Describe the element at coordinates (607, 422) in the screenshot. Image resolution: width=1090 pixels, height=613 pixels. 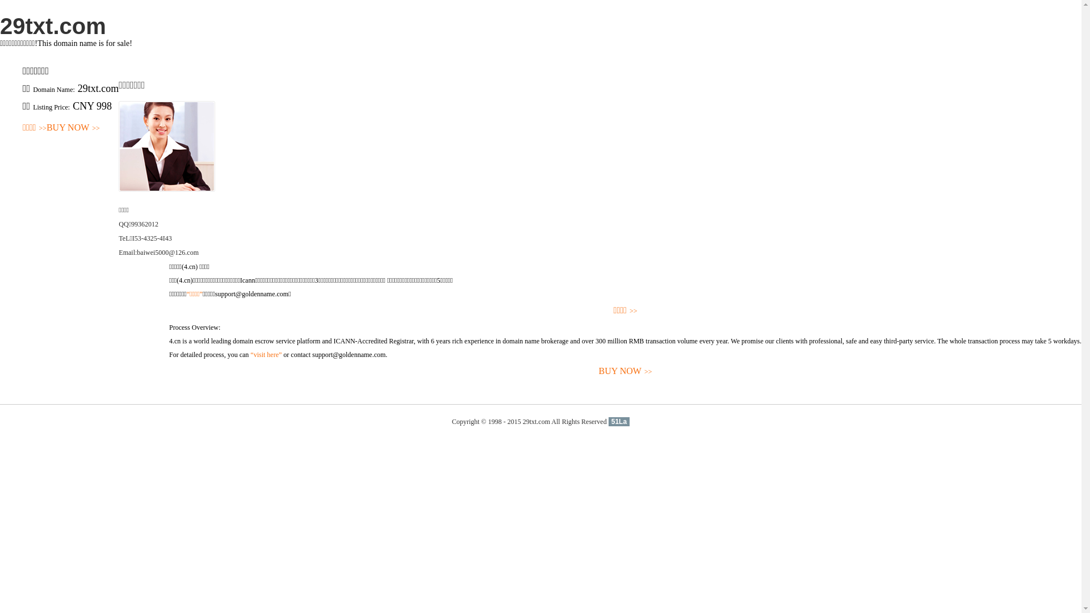
I see `'51La'` at that location.